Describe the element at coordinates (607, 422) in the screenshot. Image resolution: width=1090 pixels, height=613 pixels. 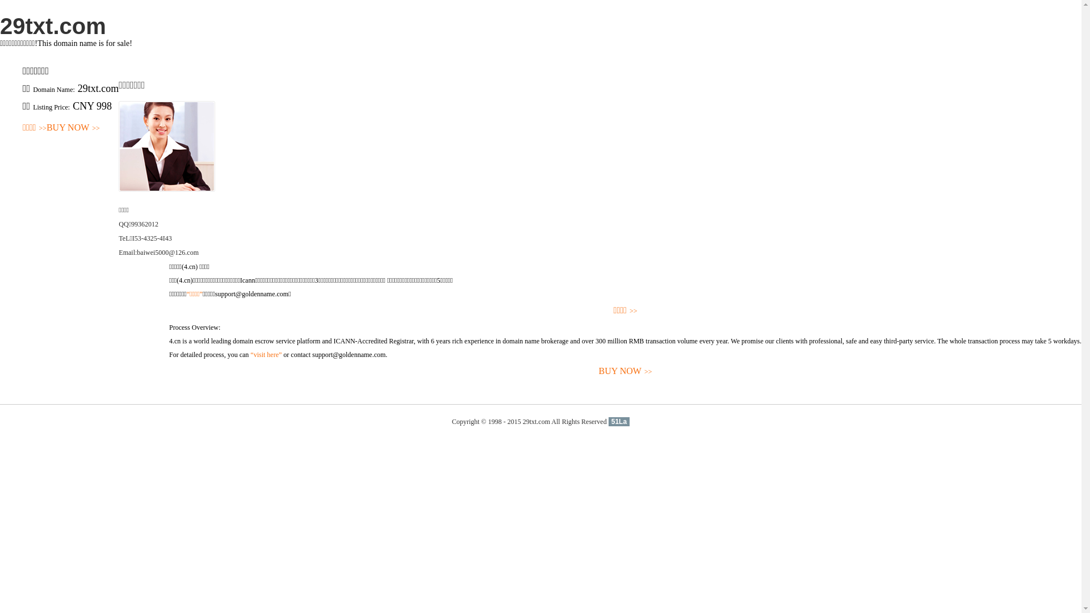
I see `'51La'` at that location.